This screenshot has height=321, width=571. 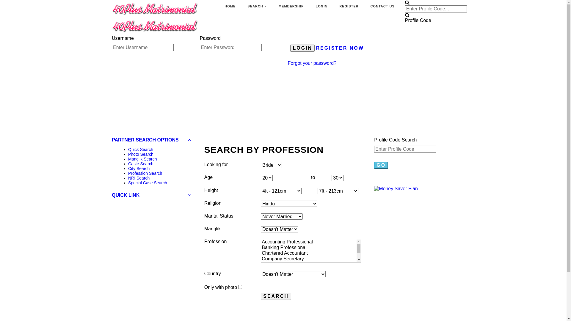 What do you see at coordinates (312, 63) in the screenshot?
I see `'Forgot your password?'` at bounding box center [312, 63].